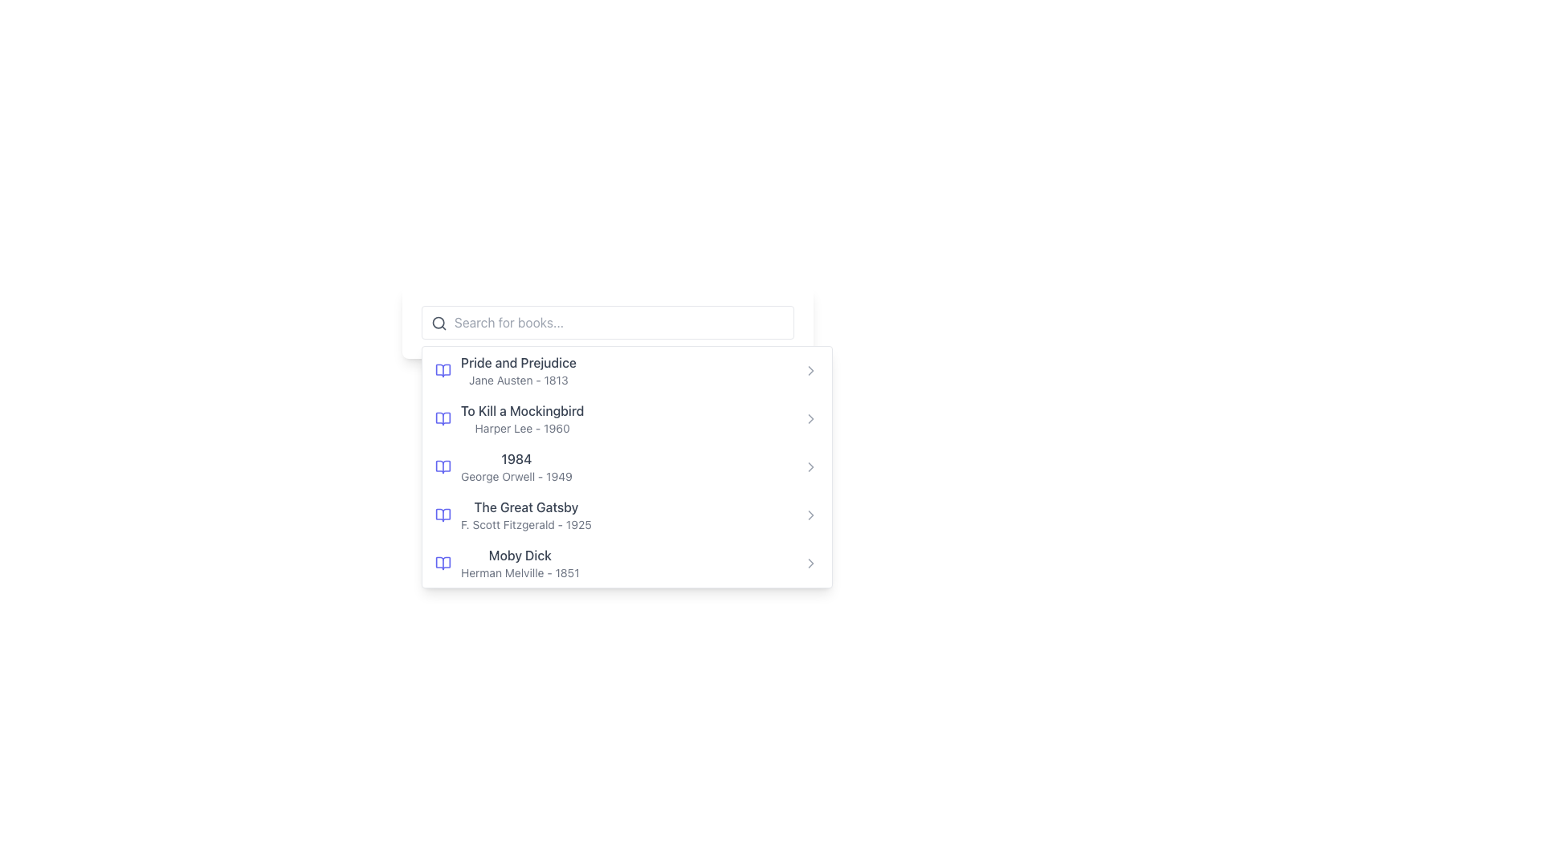 The width and height of the screenshot is (1542, 867). Describe the element at coordinates (626, 563) in the screenshot. I see `the fifth list item titled 'Moby Dick' in the dropdown menu` at that location.